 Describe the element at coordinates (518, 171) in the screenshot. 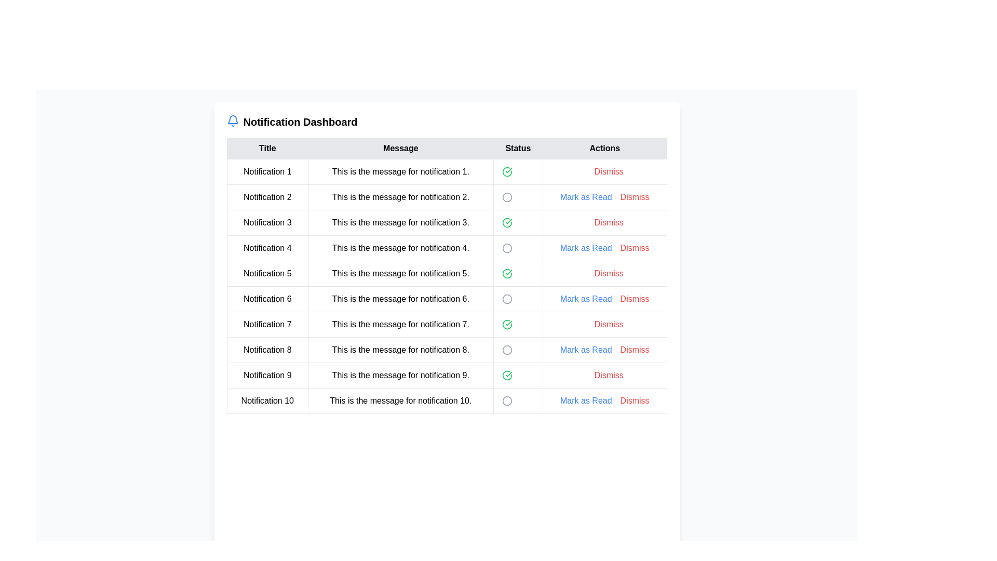

I see `icon styling of the Status Indicator, which is a rectangular segment with a green checkmark icon located in the Status column of the notification table for 'Notification 1'` at that location.